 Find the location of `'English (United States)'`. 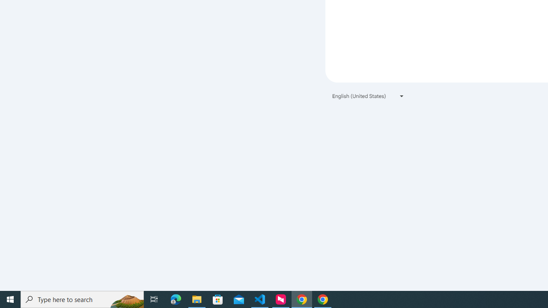

'English (United States)' is located at coordinates (368, 96).